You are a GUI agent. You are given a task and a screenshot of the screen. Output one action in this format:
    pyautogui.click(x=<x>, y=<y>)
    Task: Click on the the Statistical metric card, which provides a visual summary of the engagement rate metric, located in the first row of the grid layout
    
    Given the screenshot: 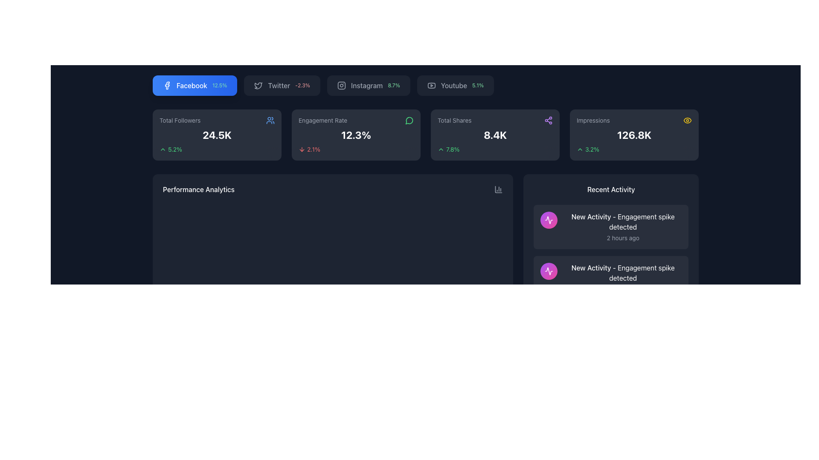 What is the action you would take?
    pyautogui.click(x=356, y=134)
    